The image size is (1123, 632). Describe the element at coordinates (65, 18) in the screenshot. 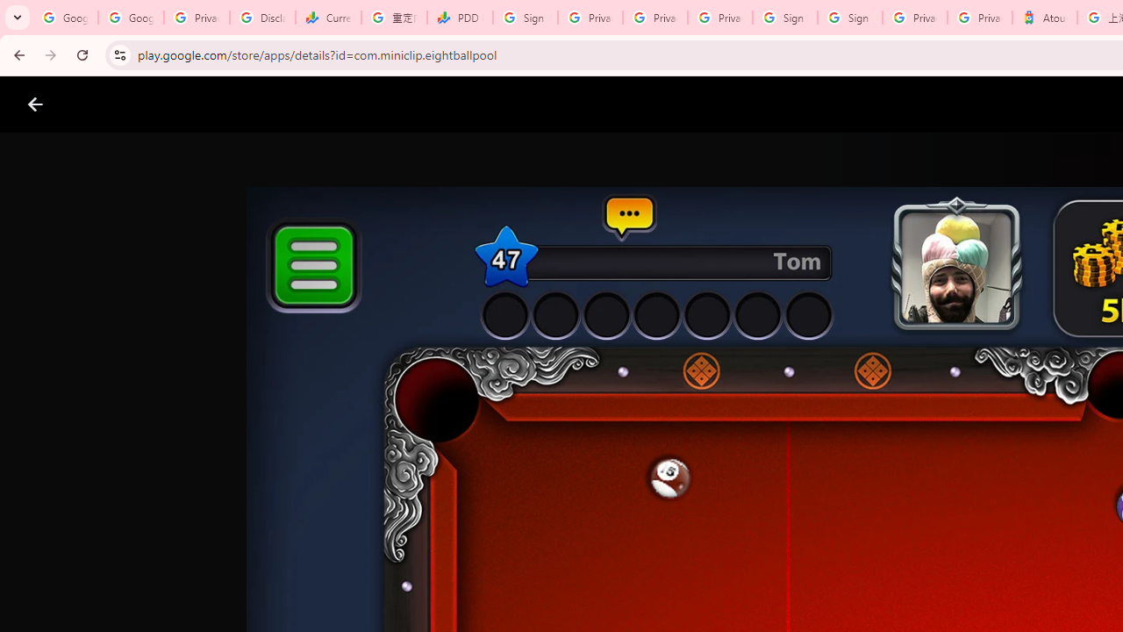

I see `'Google Workspace Admin Community'` at that location.